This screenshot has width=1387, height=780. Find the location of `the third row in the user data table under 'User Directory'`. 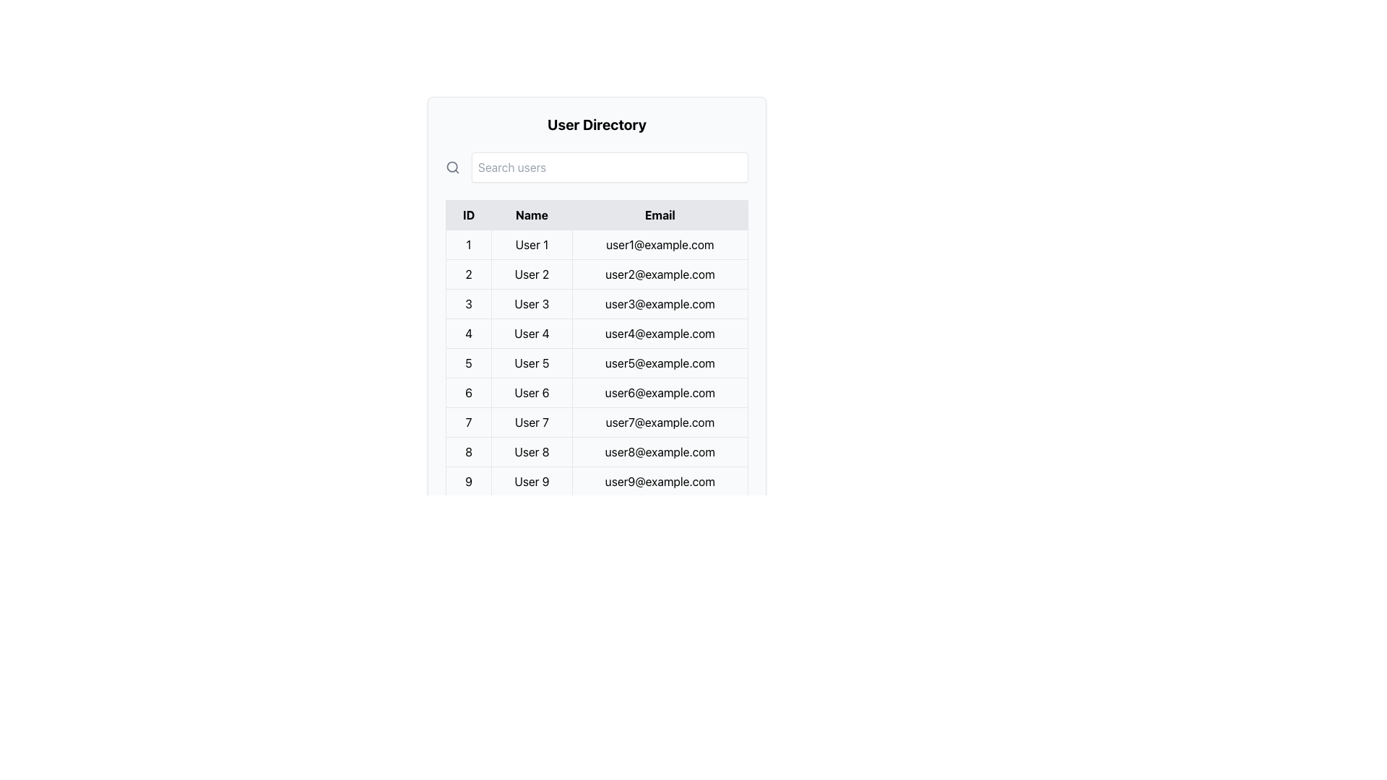

the third row in the user data table under 'User Directory' is located at coordinates (597, 303).